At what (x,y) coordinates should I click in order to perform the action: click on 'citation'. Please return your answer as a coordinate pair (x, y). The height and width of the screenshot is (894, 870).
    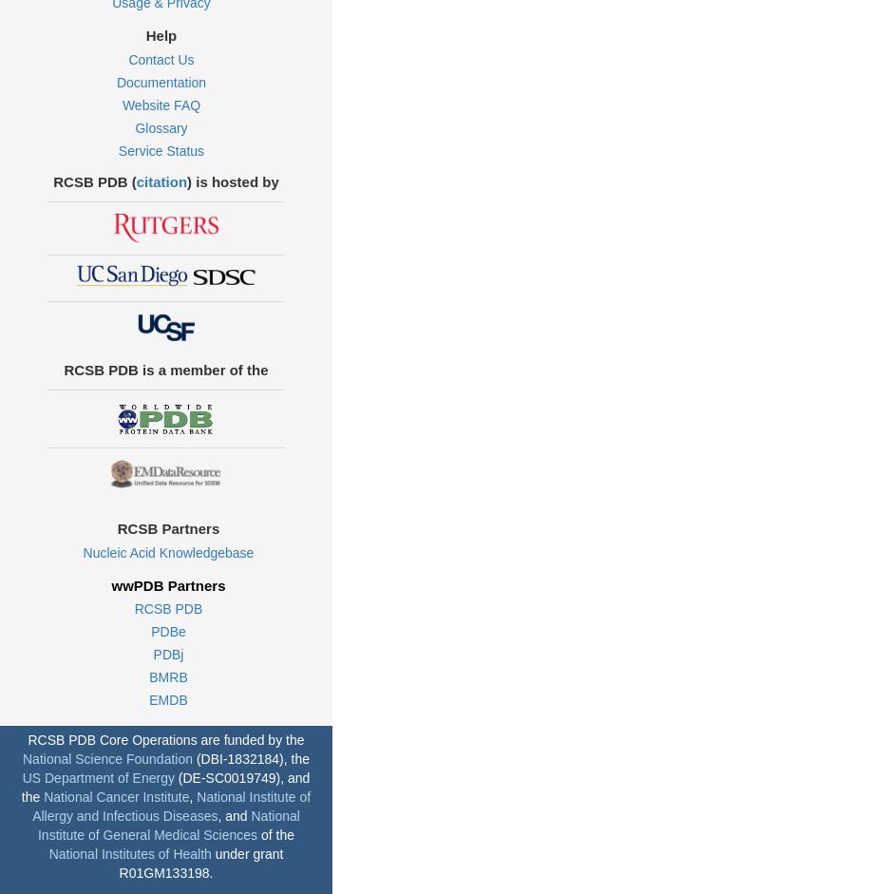
    Looking at the image, I should click on (135, 181).